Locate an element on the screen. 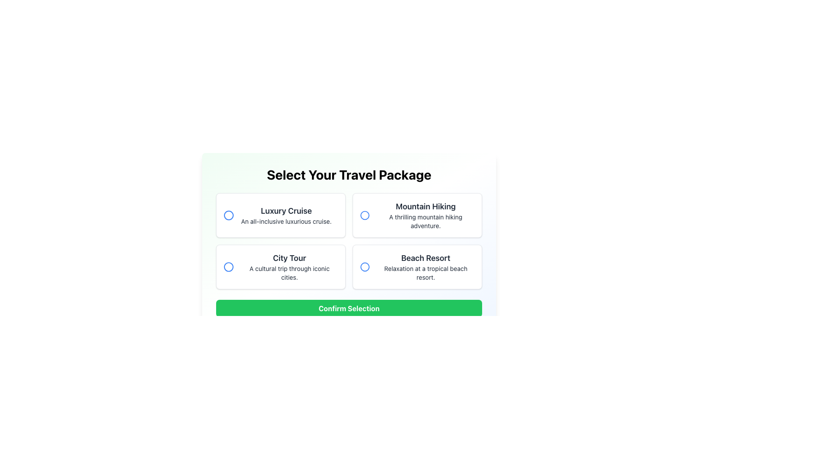 The height and width of the screenshot is (472, 840). the circular SVG icon with a blue border positioned to the left of the 'Luxury Cruise' package option is located at coordinates (229, 215).